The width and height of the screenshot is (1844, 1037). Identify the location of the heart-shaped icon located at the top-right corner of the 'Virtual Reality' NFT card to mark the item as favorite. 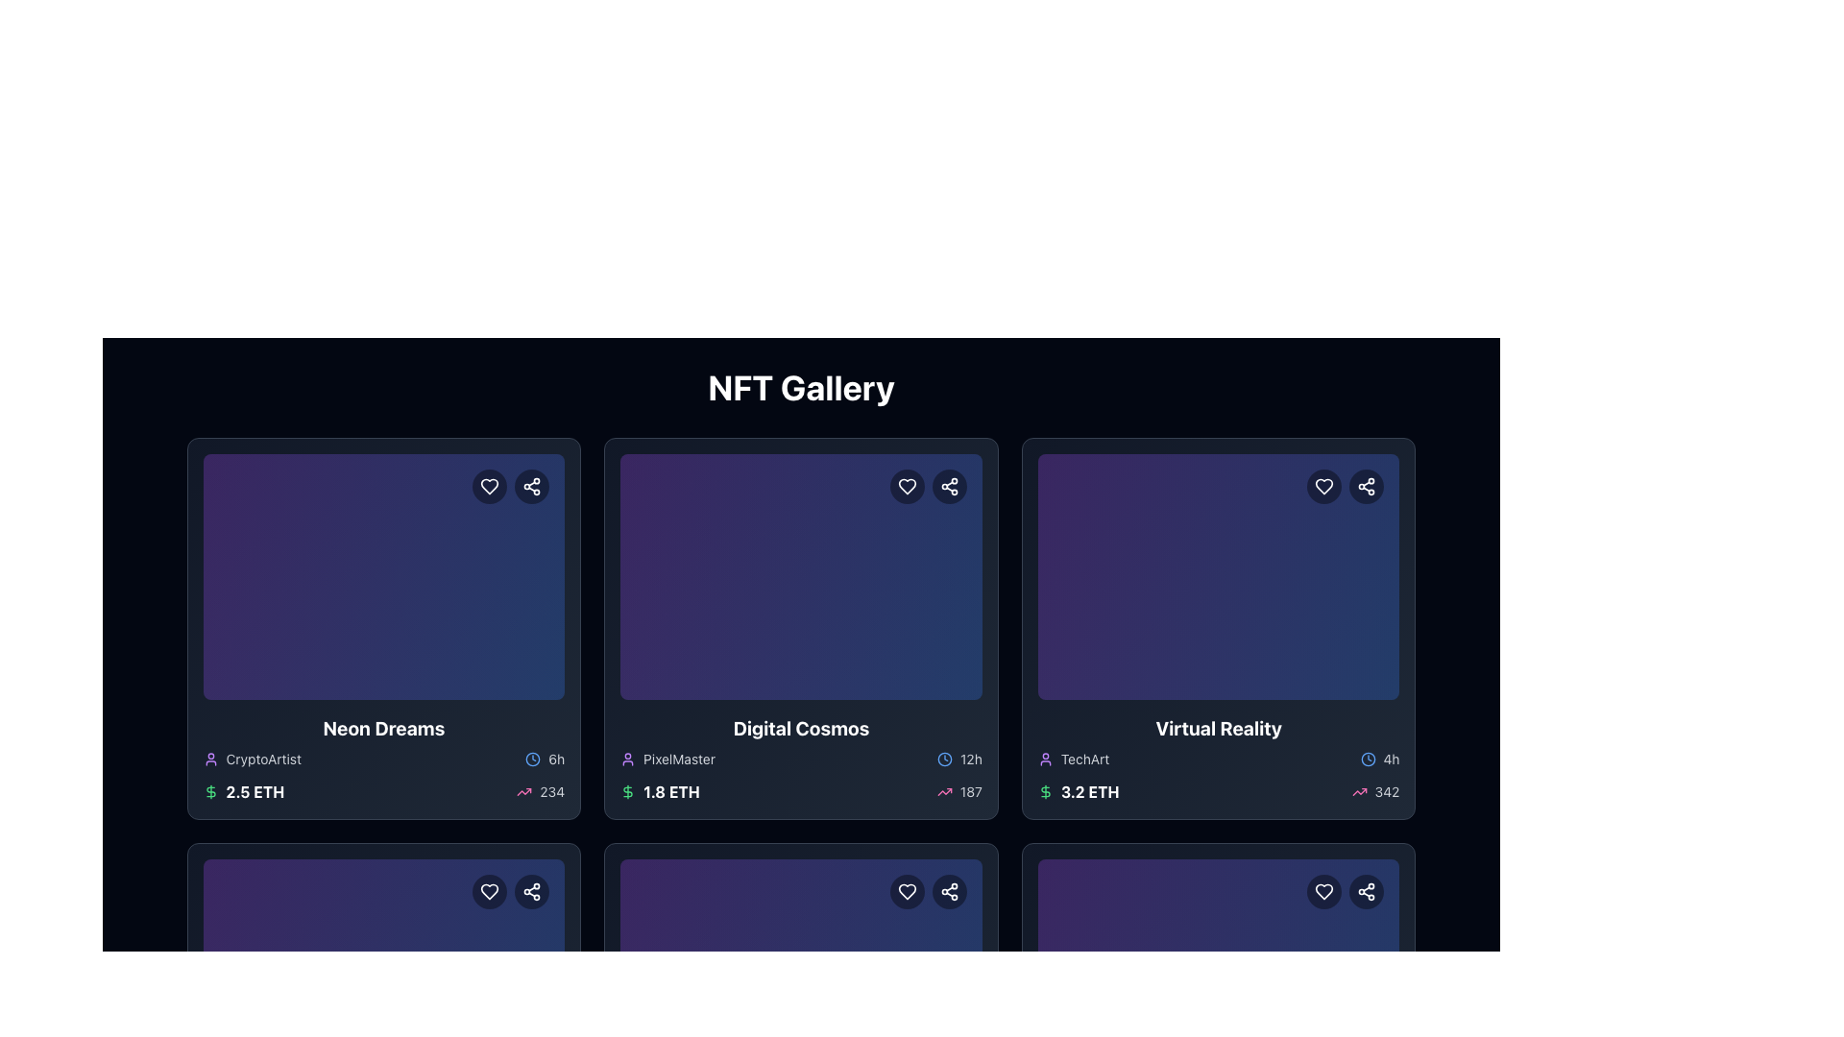
(1323, 892).